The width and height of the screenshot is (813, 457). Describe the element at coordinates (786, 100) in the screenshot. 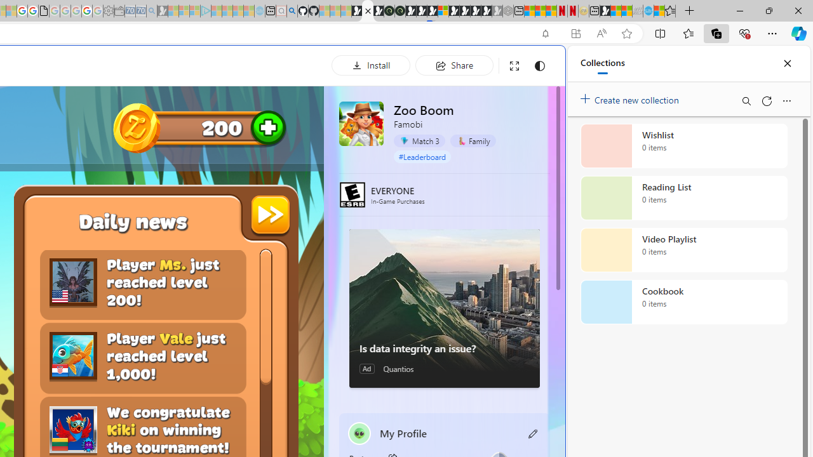

I see `'More options menu'` at that location.